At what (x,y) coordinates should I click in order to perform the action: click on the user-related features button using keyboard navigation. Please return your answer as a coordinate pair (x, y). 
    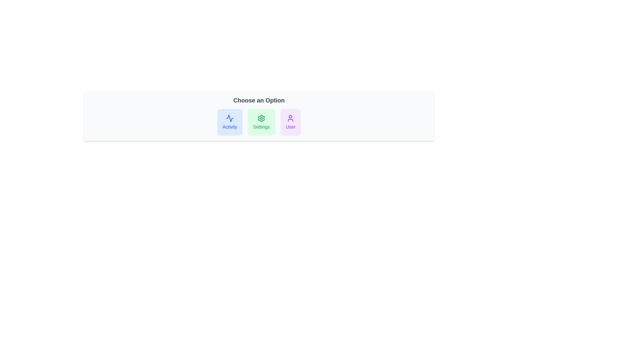
    Looking at the image, I should click on (291, 122).